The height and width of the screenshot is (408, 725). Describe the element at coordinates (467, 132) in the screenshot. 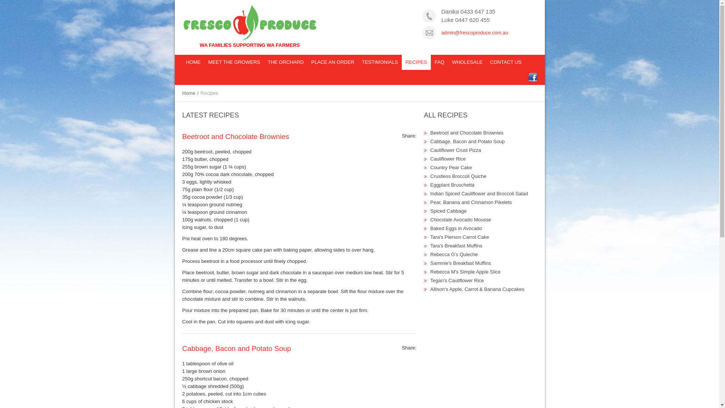

I see `'Beetroot and Chocolate Brownies'` at that location.